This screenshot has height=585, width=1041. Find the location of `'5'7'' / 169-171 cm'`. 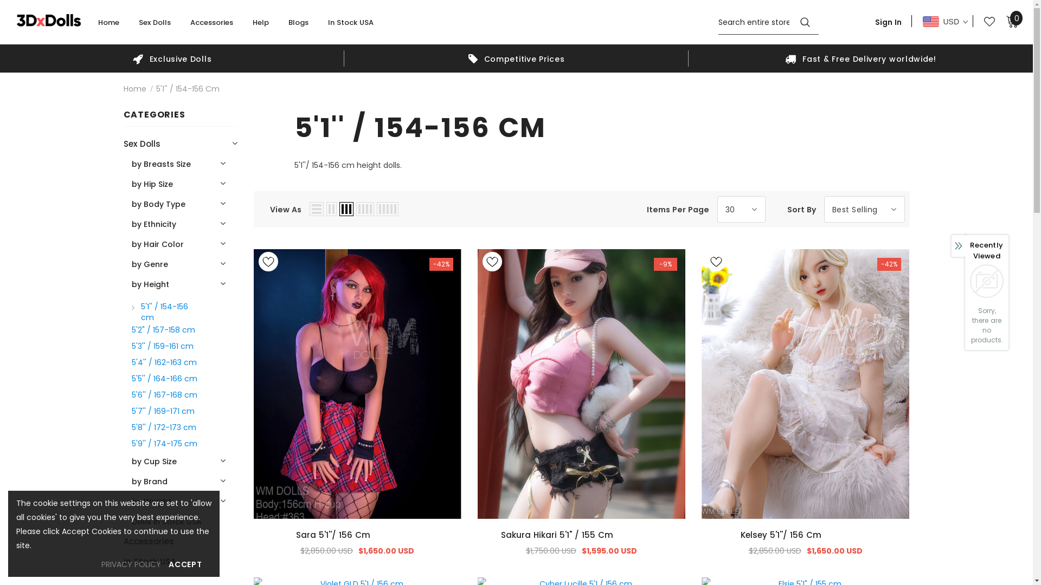

'5'7'' / 169-171 cm' is located at coordinates (162, 411).